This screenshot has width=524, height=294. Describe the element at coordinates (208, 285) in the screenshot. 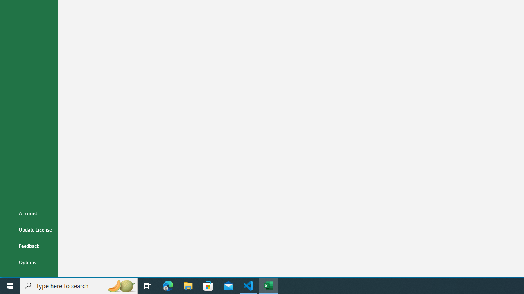

I see `'Microsoft Store'` at that location.